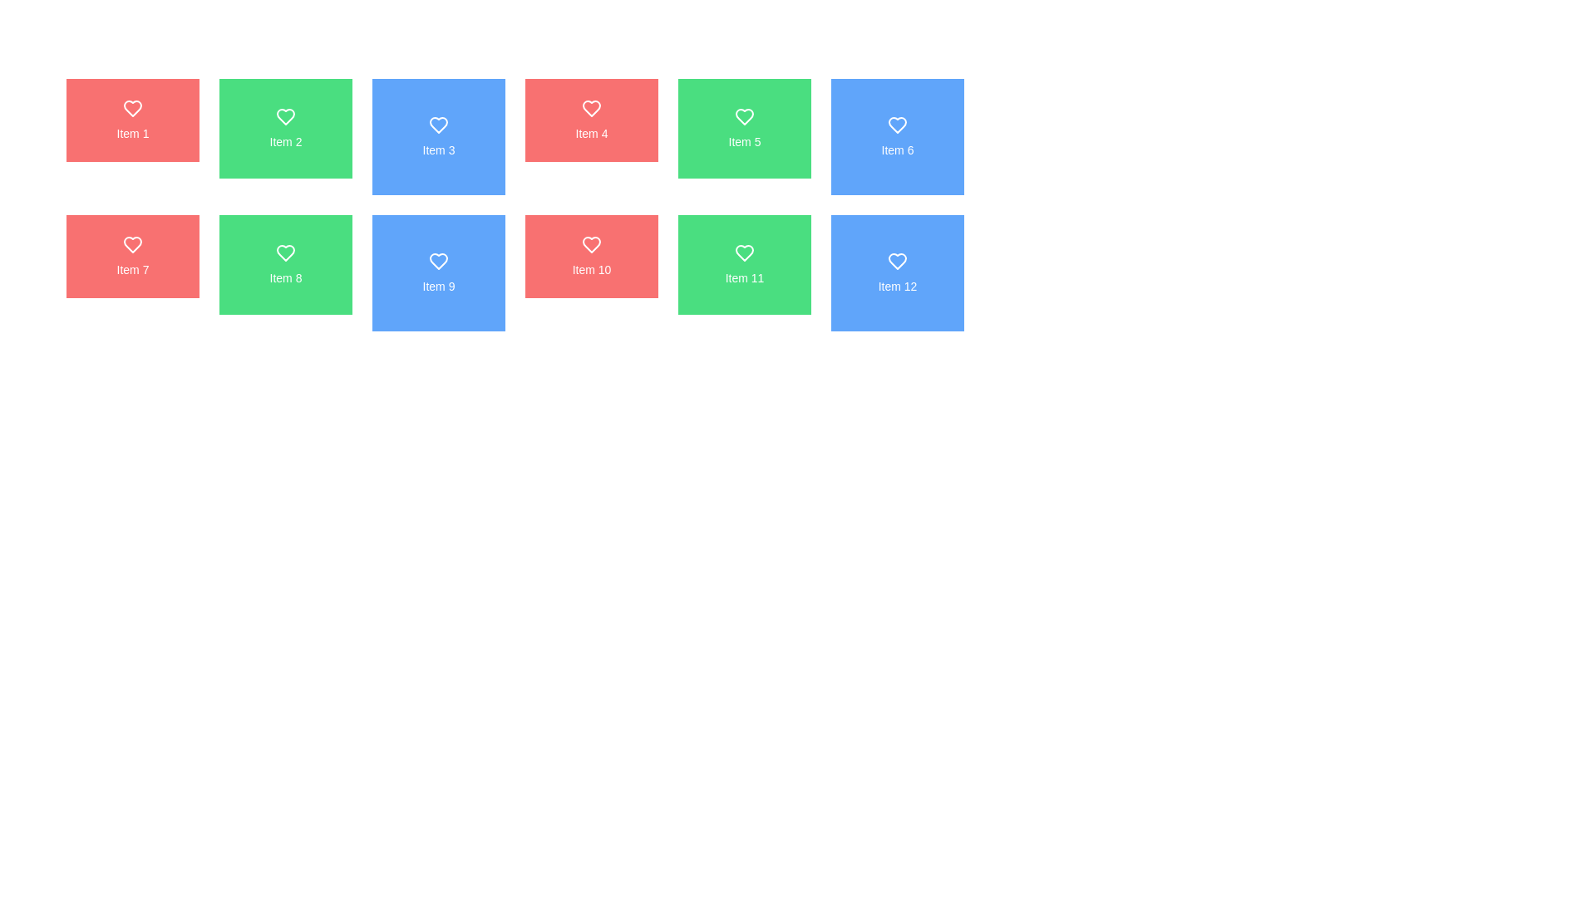 Image resolution: width=1596 pixels, height=897 pixels. What do you see at coordinates (591, 109) in the screenshot?
I see `the heart icon within the 'Item 4' tile` at bounding box center [591, 109].